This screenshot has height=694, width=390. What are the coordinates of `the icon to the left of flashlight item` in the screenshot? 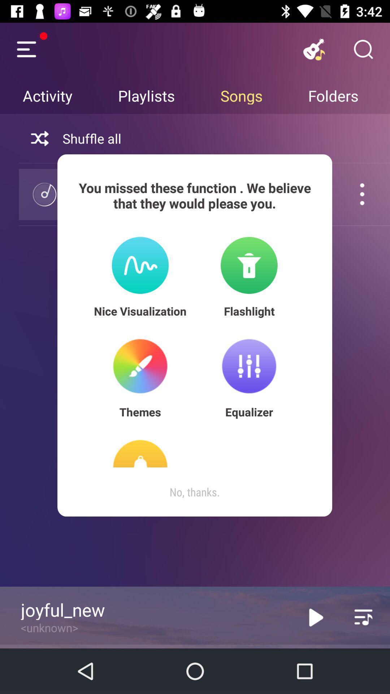 It's located at (140, 311).